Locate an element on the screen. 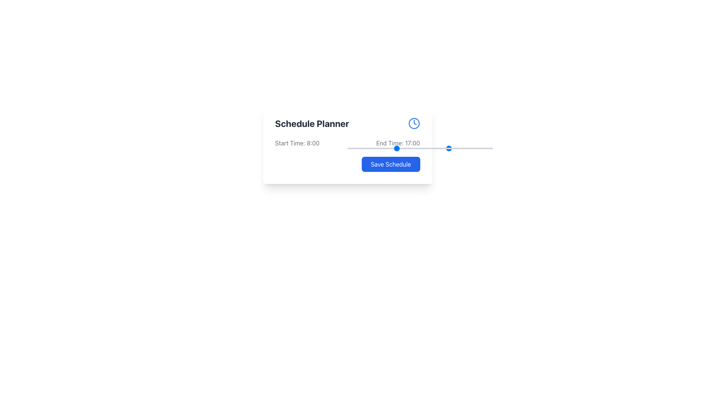 The width and height of the screenshot is (725, 408). the text label displaying 'End Time: 17:00' is located at coordinates (398, 143).